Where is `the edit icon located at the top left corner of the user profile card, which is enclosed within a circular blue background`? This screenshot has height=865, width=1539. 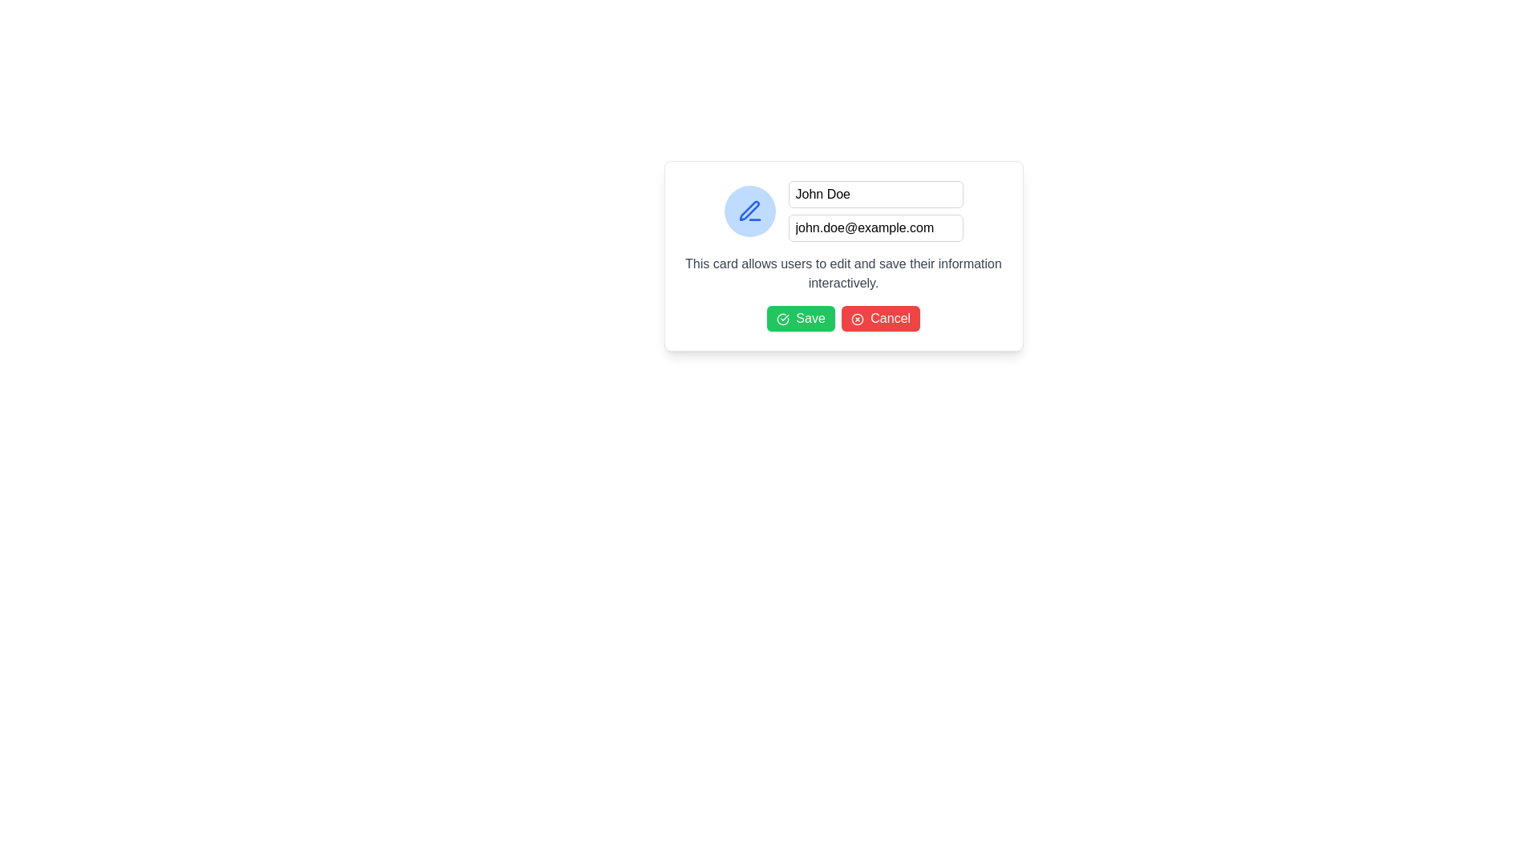
the edit icon located at the top left corner of the user profile card, which is enclosed within a circular blue background is located at coordinates (749, 210).